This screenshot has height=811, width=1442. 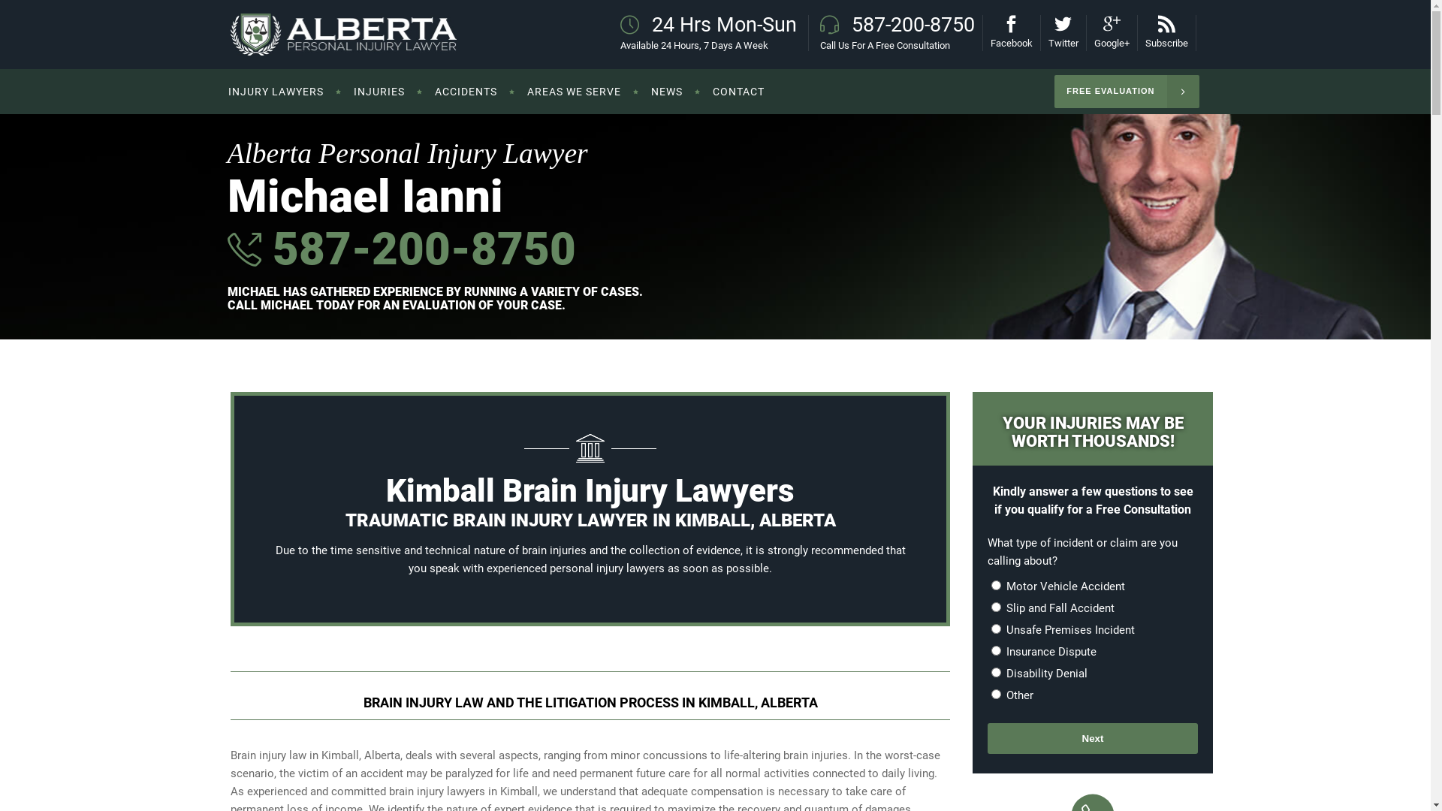 I want to click on 'FREE EVALUATION', so click(x=1126, y=92).